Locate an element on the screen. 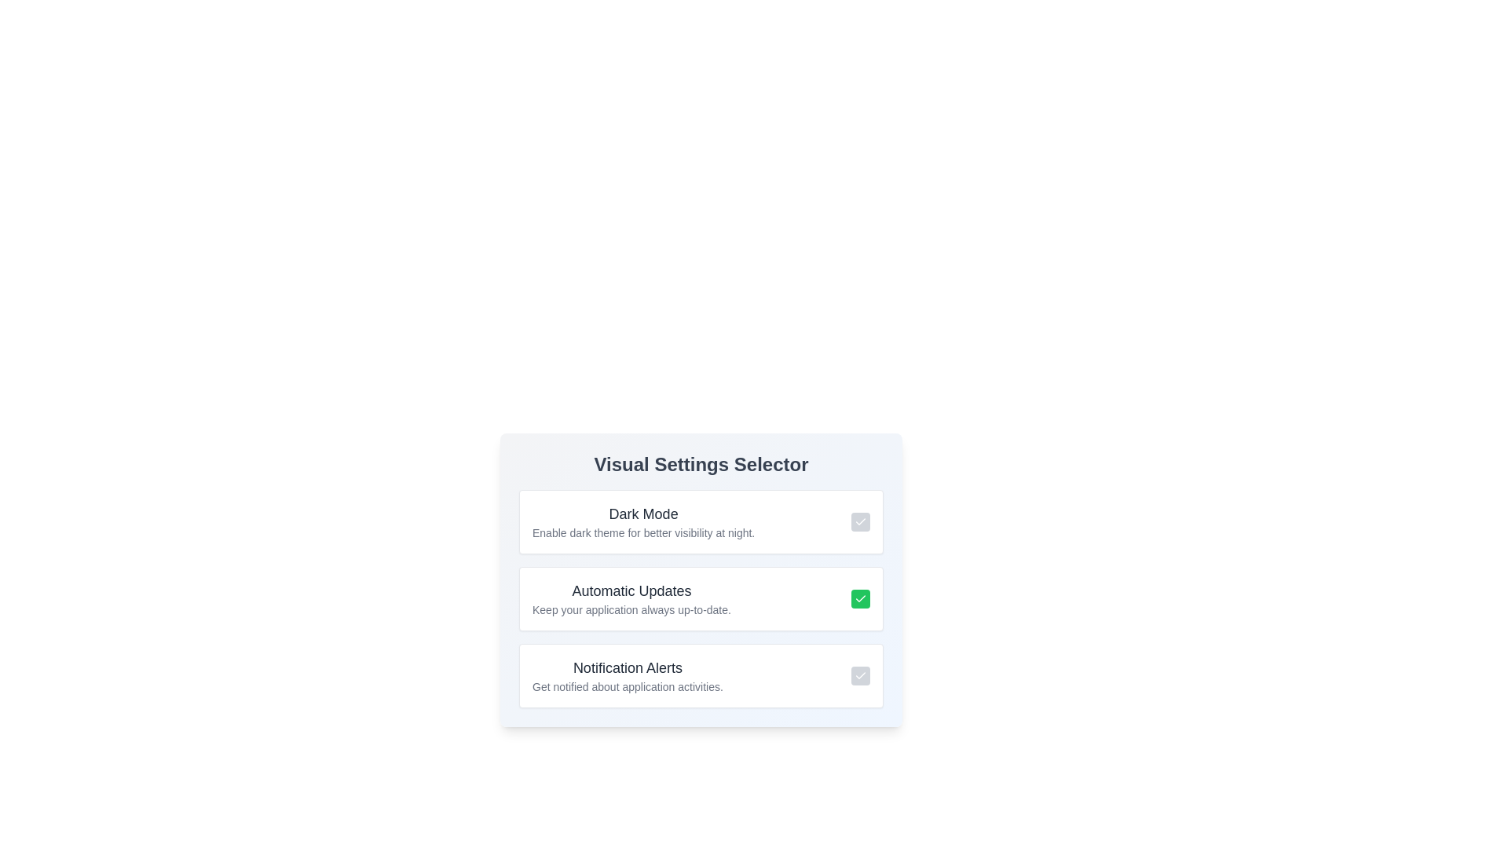  the green toggle switch in the 'Automatic Updates' section is located at coordinates (700, 599).